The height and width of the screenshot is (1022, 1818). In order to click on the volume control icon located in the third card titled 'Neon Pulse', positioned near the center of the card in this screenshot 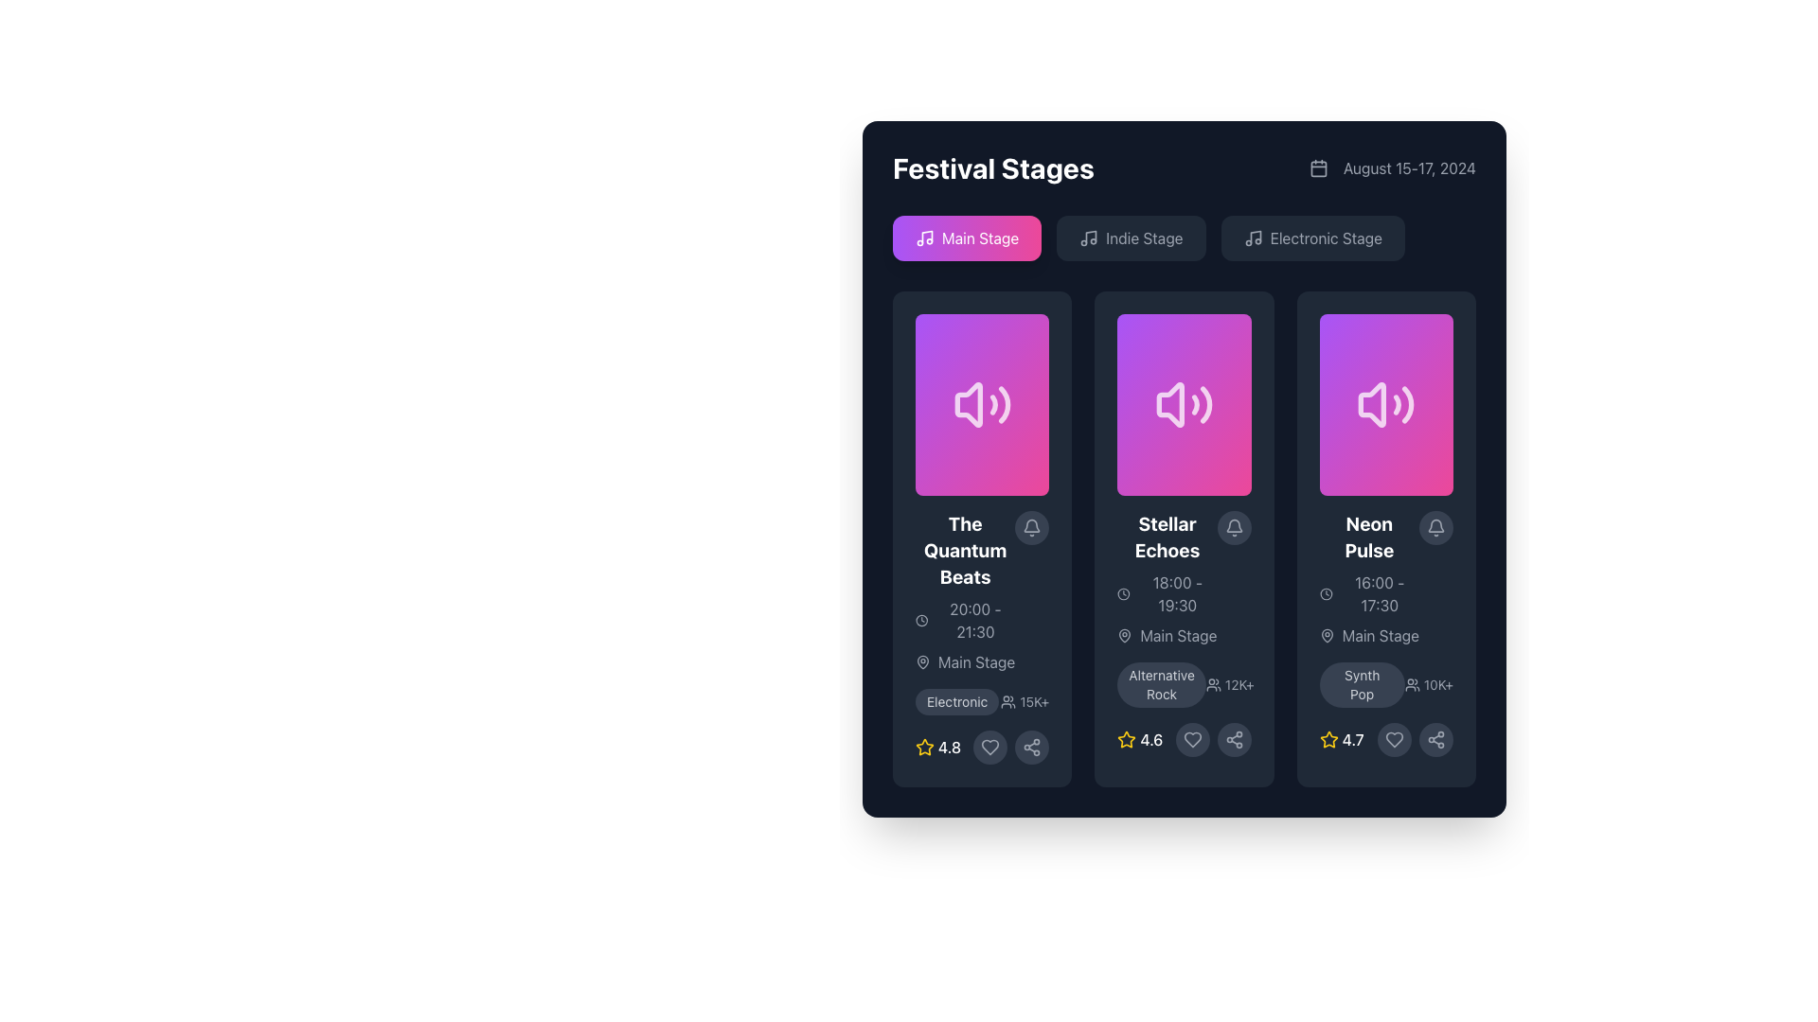, I will do `click(1386, 404)`.